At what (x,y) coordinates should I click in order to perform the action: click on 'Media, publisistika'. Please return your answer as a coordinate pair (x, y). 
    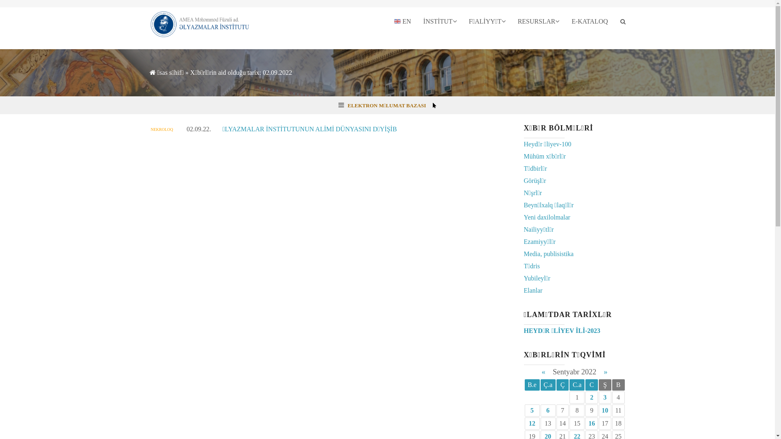
    Looking at the image, I should click on (549, 253).